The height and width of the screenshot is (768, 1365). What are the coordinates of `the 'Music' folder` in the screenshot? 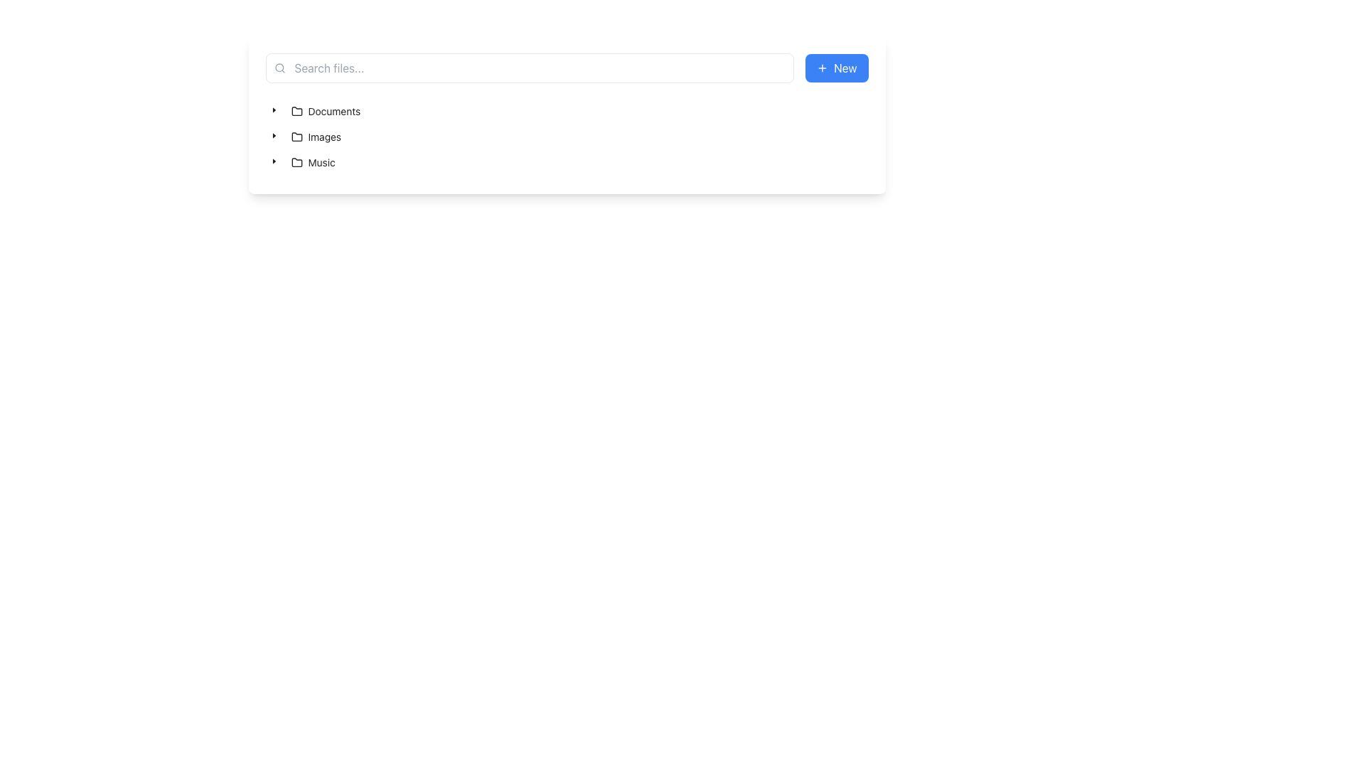 It's located at (302, 161).